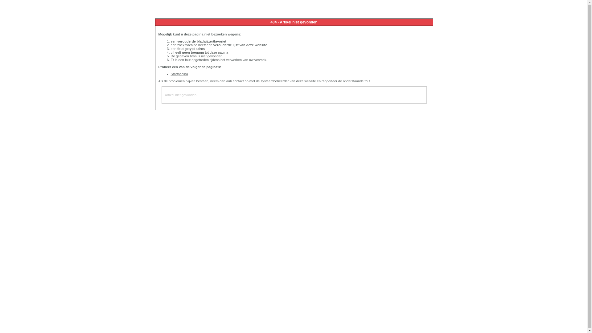 The image size is (592, 333). I want to click on 'Startpagina', so click(171, 73).